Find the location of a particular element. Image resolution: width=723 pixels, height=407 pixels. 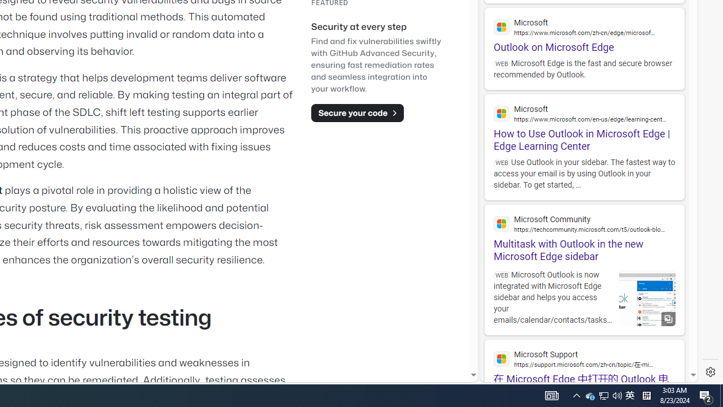

'Microsoft Support' is located at coordinates (584, 358).